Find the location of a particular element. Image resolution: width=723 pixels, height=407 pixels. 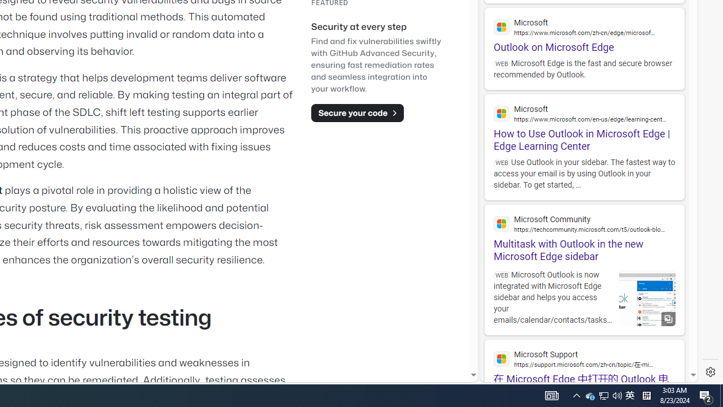

'Microsoft Support' is located at coordinates (584, 358).